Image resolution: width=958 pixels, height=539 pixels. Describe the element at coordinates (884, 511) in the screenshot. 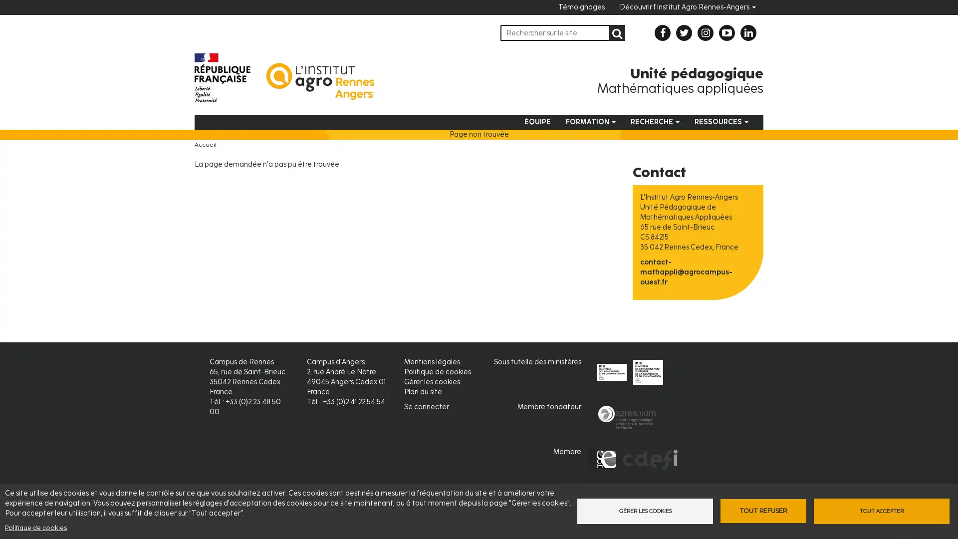

I see `TOUT ACCEPTER` at that location.